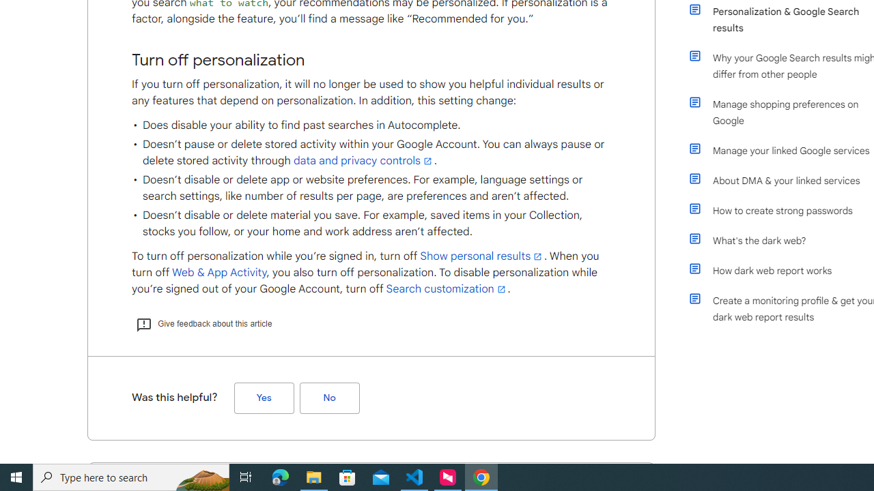 This screenshot has height=491, width=874. Describe the element at coordinates (329, 398) in the screenshot. I see `'No (Was this helpful?)'` at that location.